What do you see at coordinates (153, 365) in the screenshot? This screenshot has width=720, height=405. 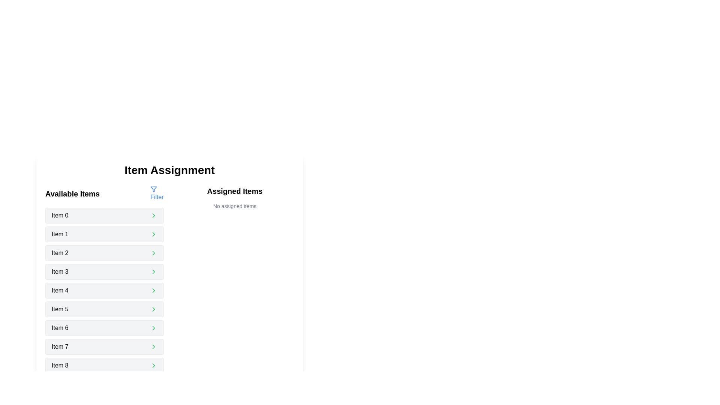 I see `the interactive right-arrow icon with a green color located at the end of the list item labeled 'Item 8' in the 'Available Items' section` at bounding box center [153, 365].